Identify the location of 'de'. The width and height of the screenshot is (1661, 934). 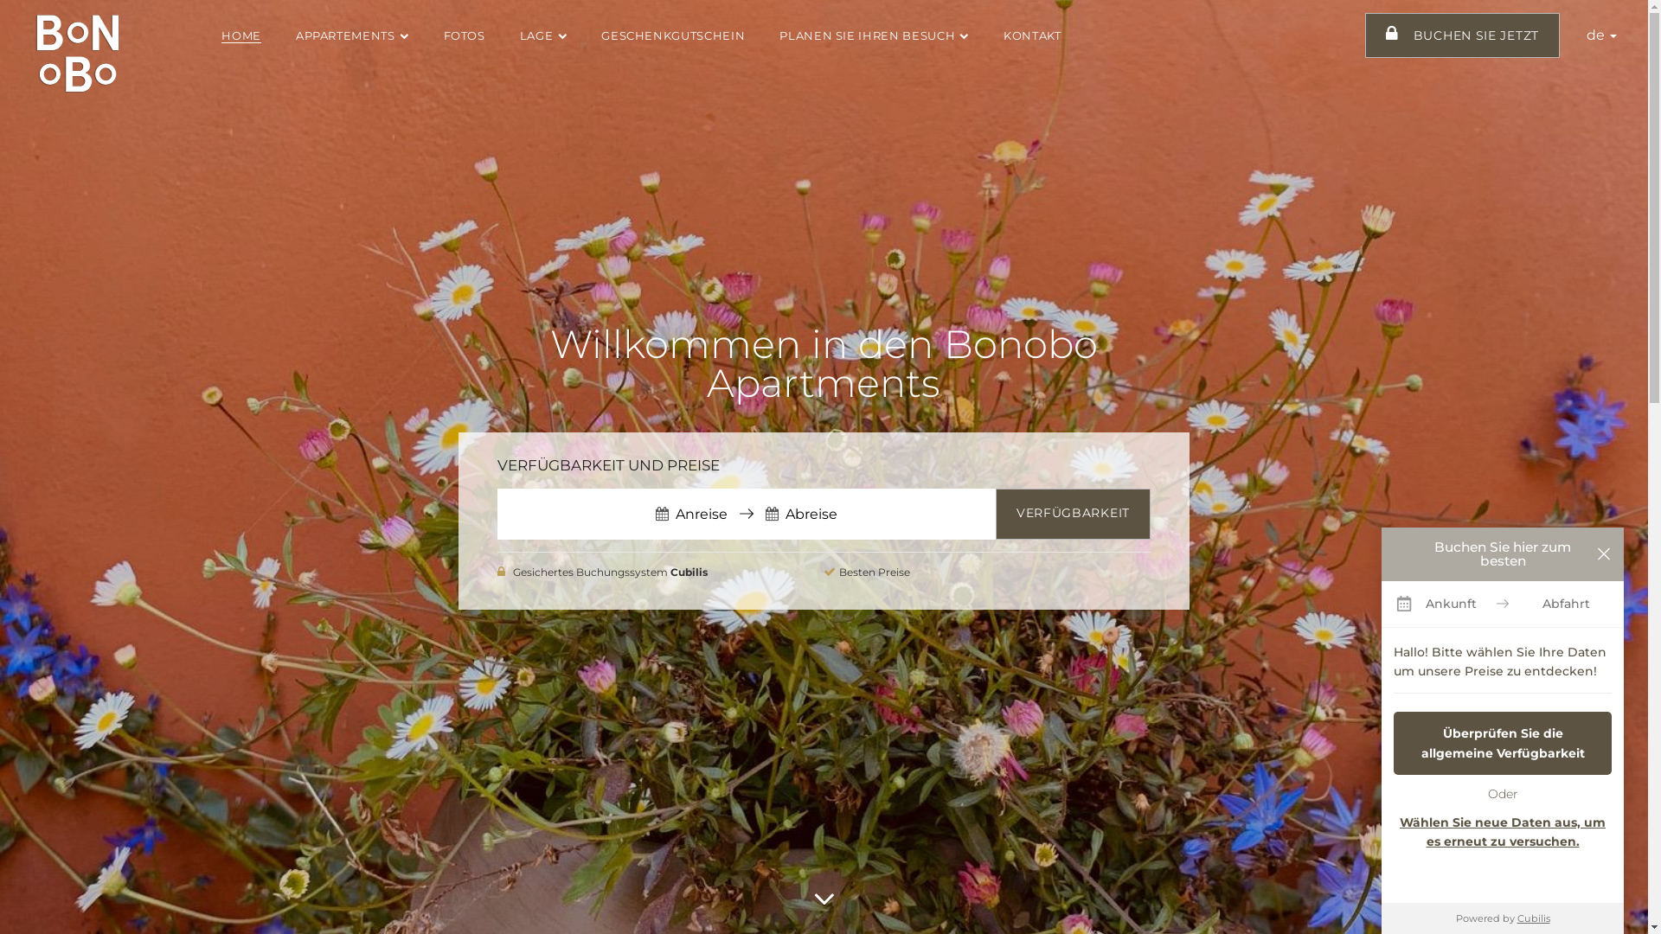
(1600, 35).